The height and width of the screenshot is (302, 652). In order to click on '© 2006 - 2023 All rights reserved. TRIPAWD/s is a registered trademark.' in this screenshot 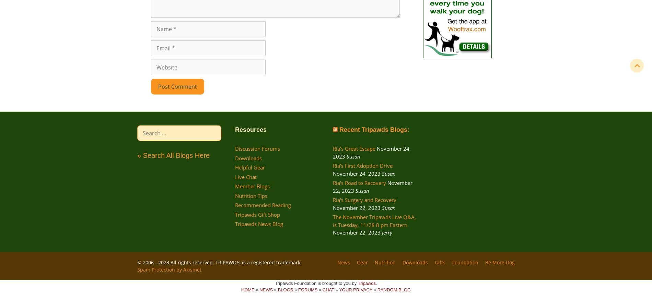, I will do `click(219, 262)`.